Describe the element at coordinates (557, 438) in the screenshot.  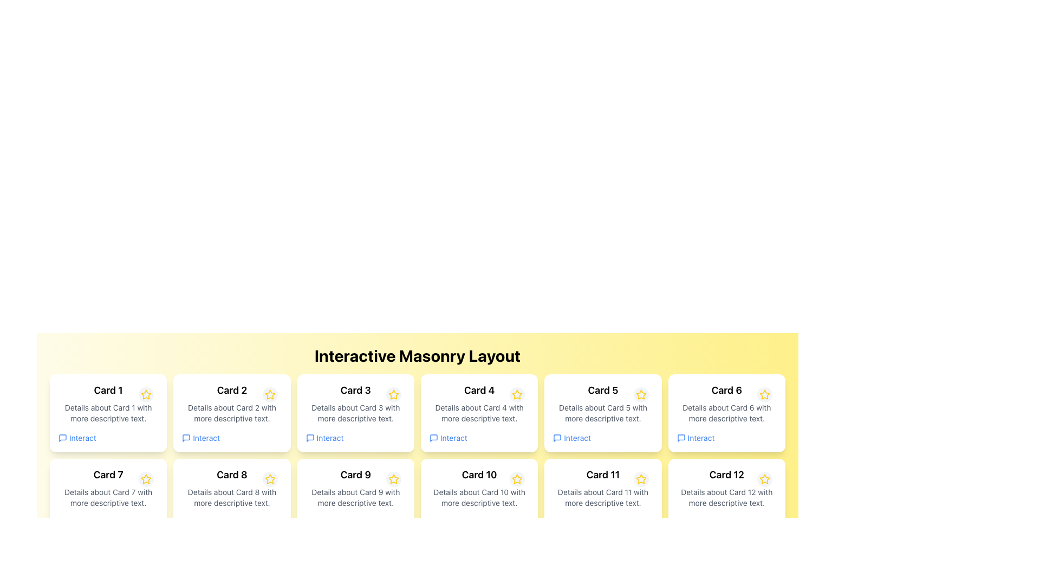
I see `the icon within the 'Interact' section of 'Card 5' located in the second row and third column, which symbolizes initiating or viewing interactions or messages` at that location.